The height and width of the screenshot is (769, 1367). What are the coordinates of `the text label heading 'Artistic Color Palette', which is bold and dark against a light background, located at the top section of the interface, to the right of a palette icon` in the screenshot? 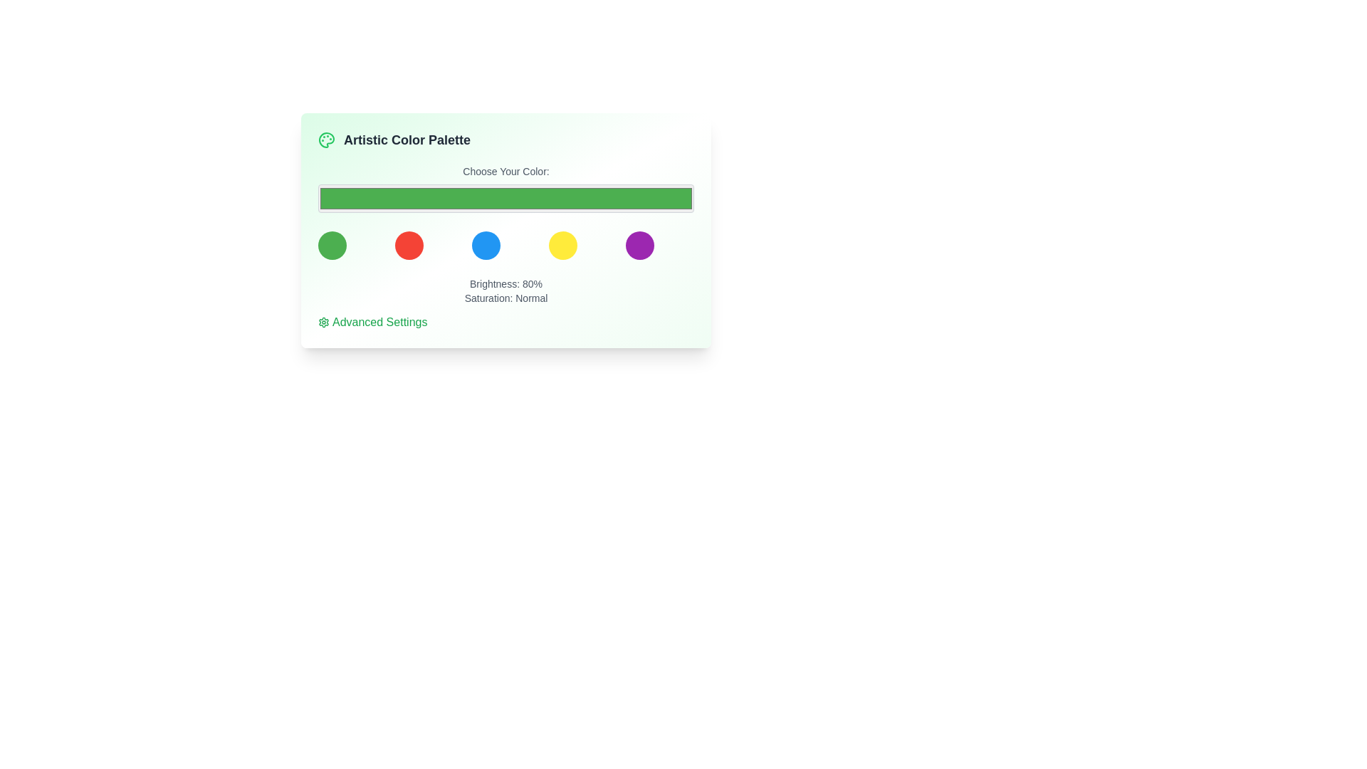 It's located at (406, 140).